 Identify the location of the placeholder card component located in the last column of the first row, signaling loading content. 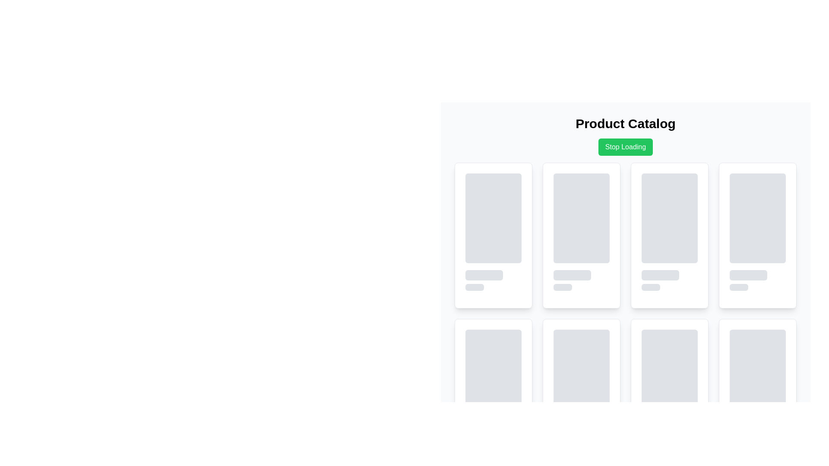
(757, 236).